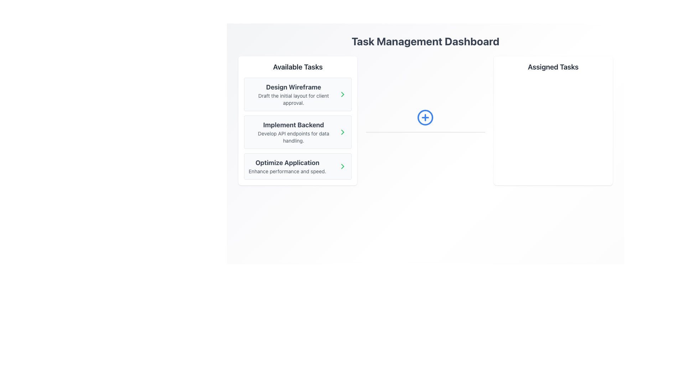 The width and height of the screenshot is (684, 385). Describe the element at coordinates (342, 94) in the screenshot. I see `the chevron arrow icon located at the rightmost position of the 'Design Wireframe' row in the Available Tasks panel` at that location.